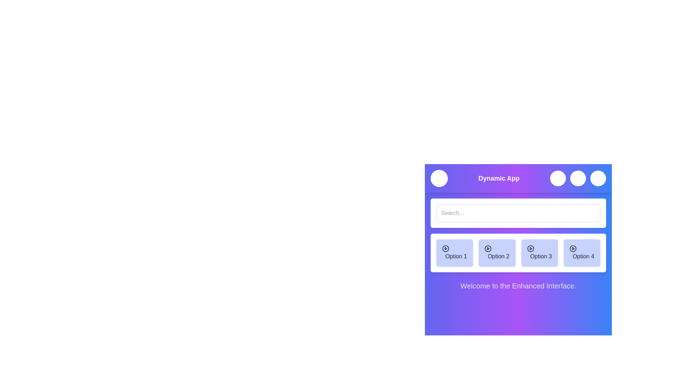  What do you see at coordinates (497, 252) in the screenshot?
I see `the menu option Option 2 to select it` at bounding box center [497, 252].